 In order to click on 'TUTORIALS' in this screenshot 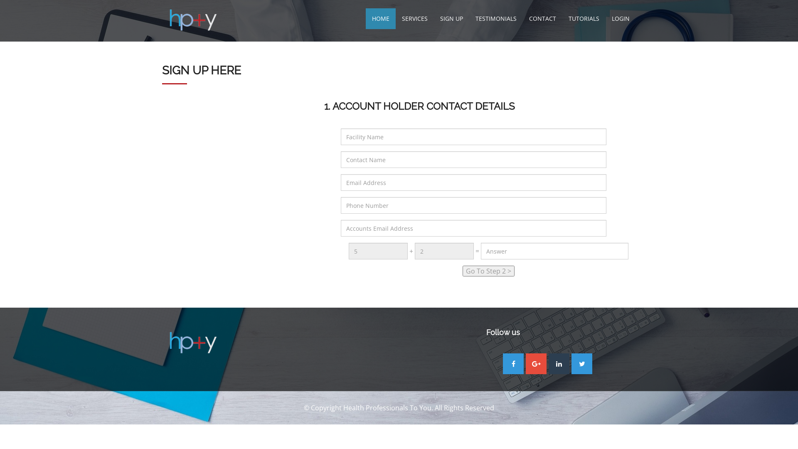, I will do `click(584, 19)`.